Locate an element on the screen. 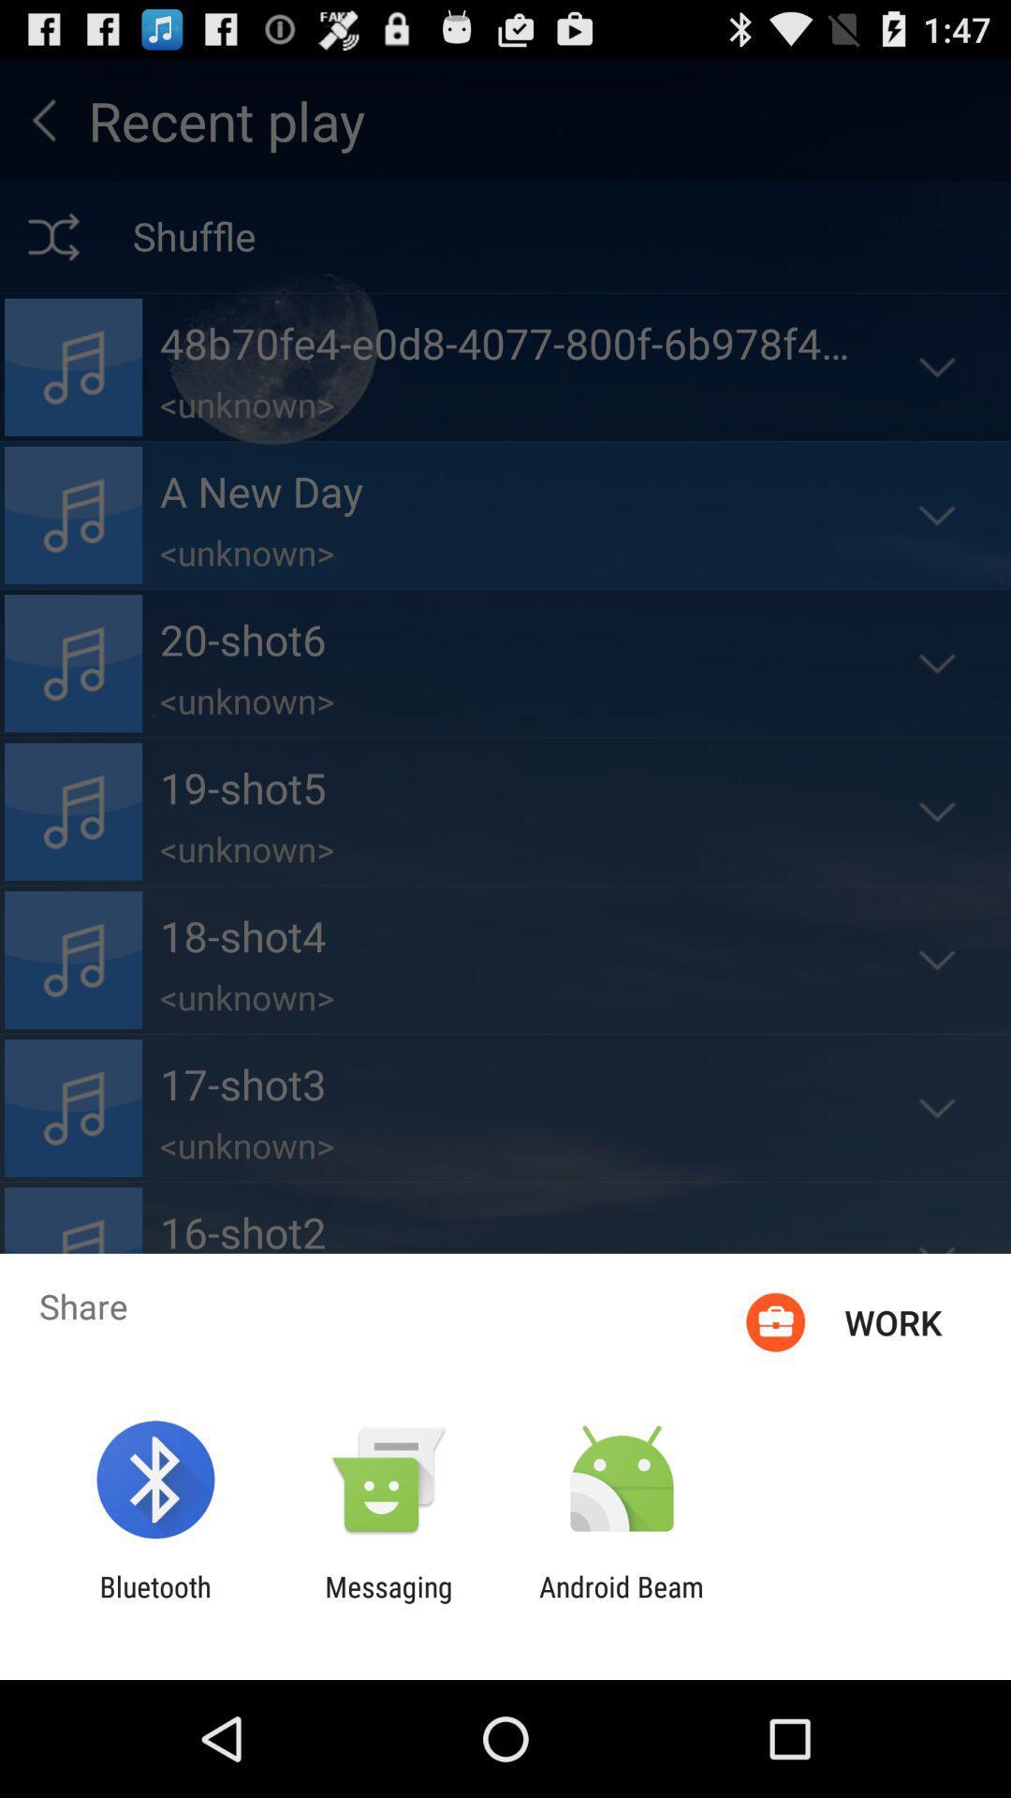 The width and height of the screenshot is (1011, 1798). item to the right of the bluetooth app is located at coordinates (388, 1602).